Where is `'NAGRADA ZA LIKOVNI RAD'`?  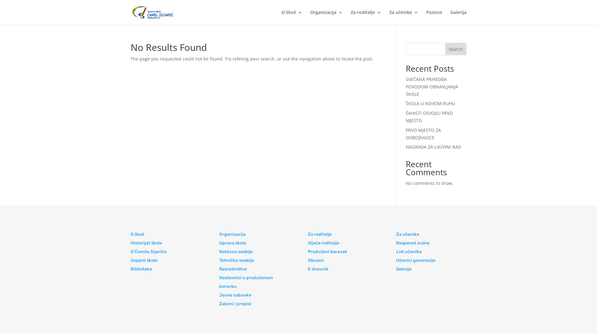
'NAGRADA ZA LIKOVNI RAD' is located at coordinates (406, 147).